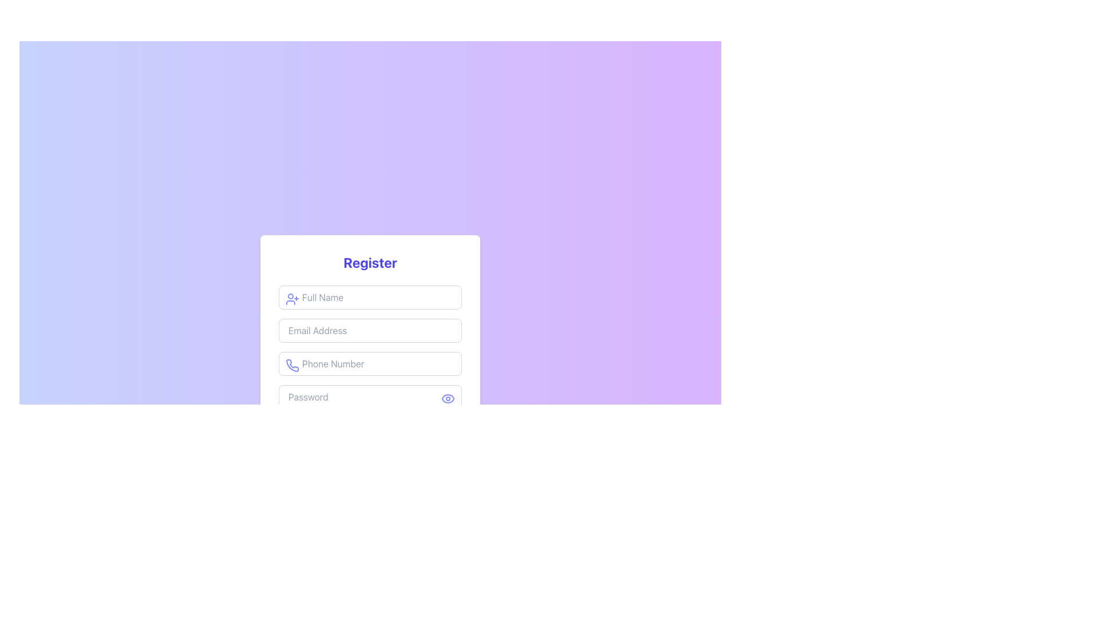 Image resolution: width=1099 pixels, height=618 pixels. I want to click on the toggle icon located at the top-right corner of the password input field, so click(447, 398).